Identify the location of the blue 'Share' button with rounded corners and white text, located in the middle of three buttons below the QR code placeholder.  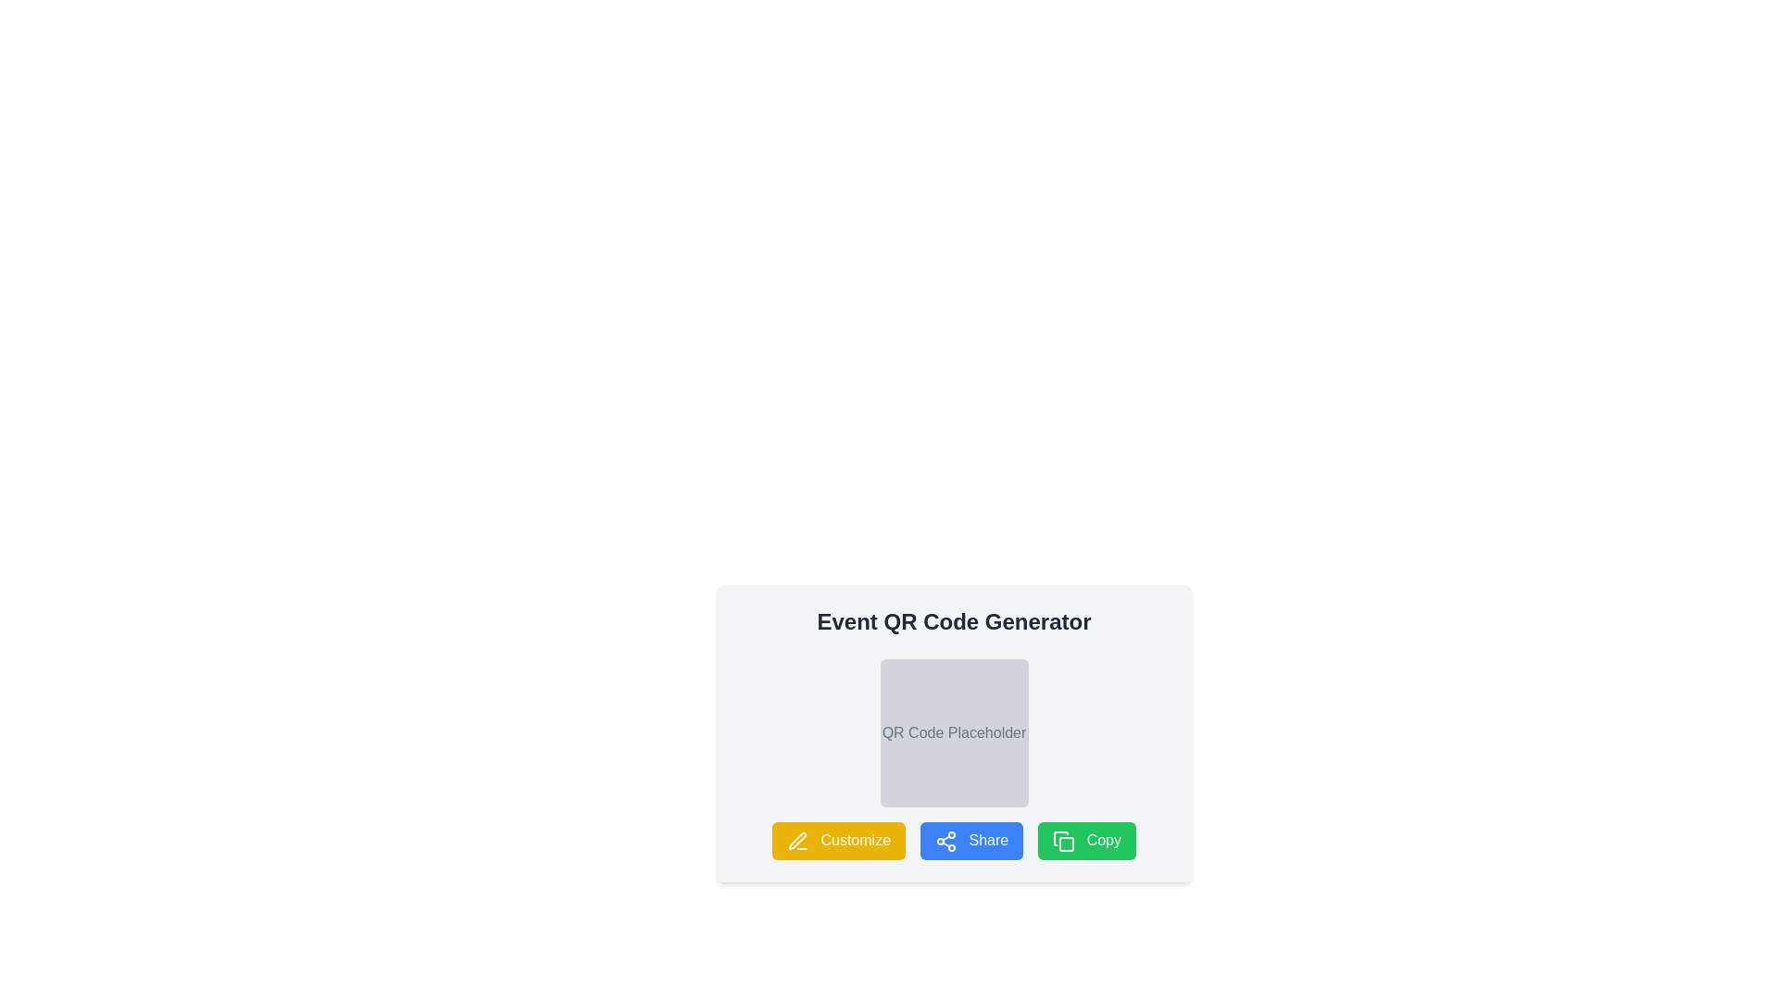
(970, 841).